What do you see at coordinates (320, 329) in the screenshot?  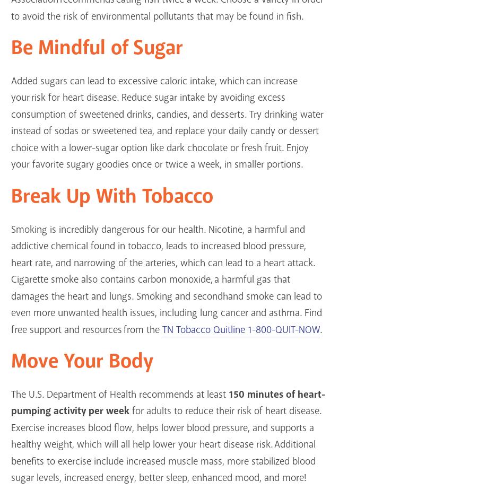 I see `'.'` at bounding box center [320, 329].